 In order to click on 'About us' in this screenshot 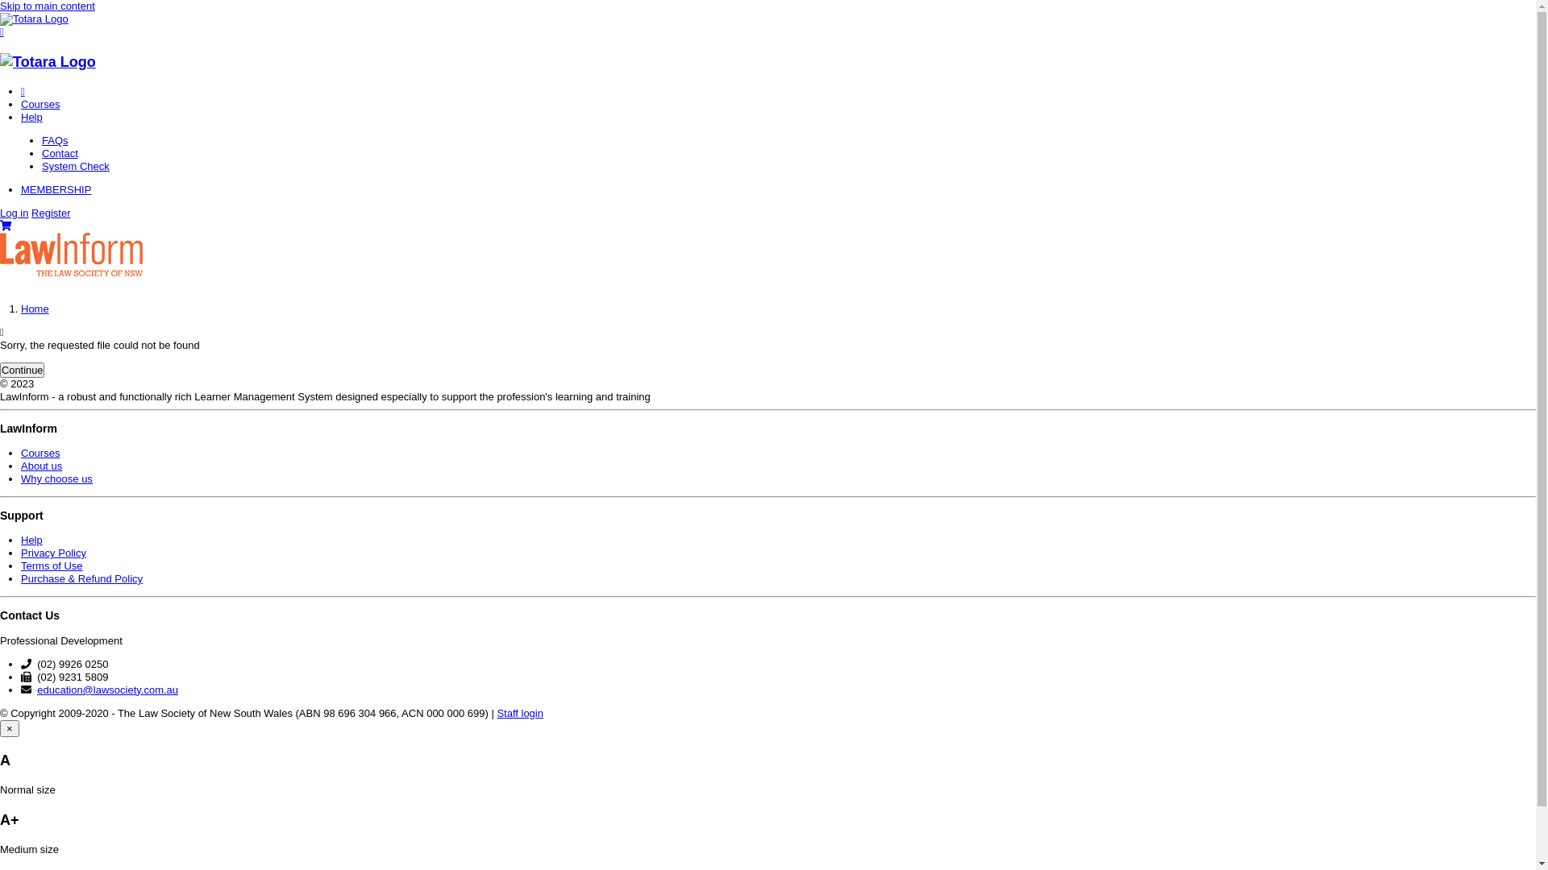, I will do `click(41, 466)`.